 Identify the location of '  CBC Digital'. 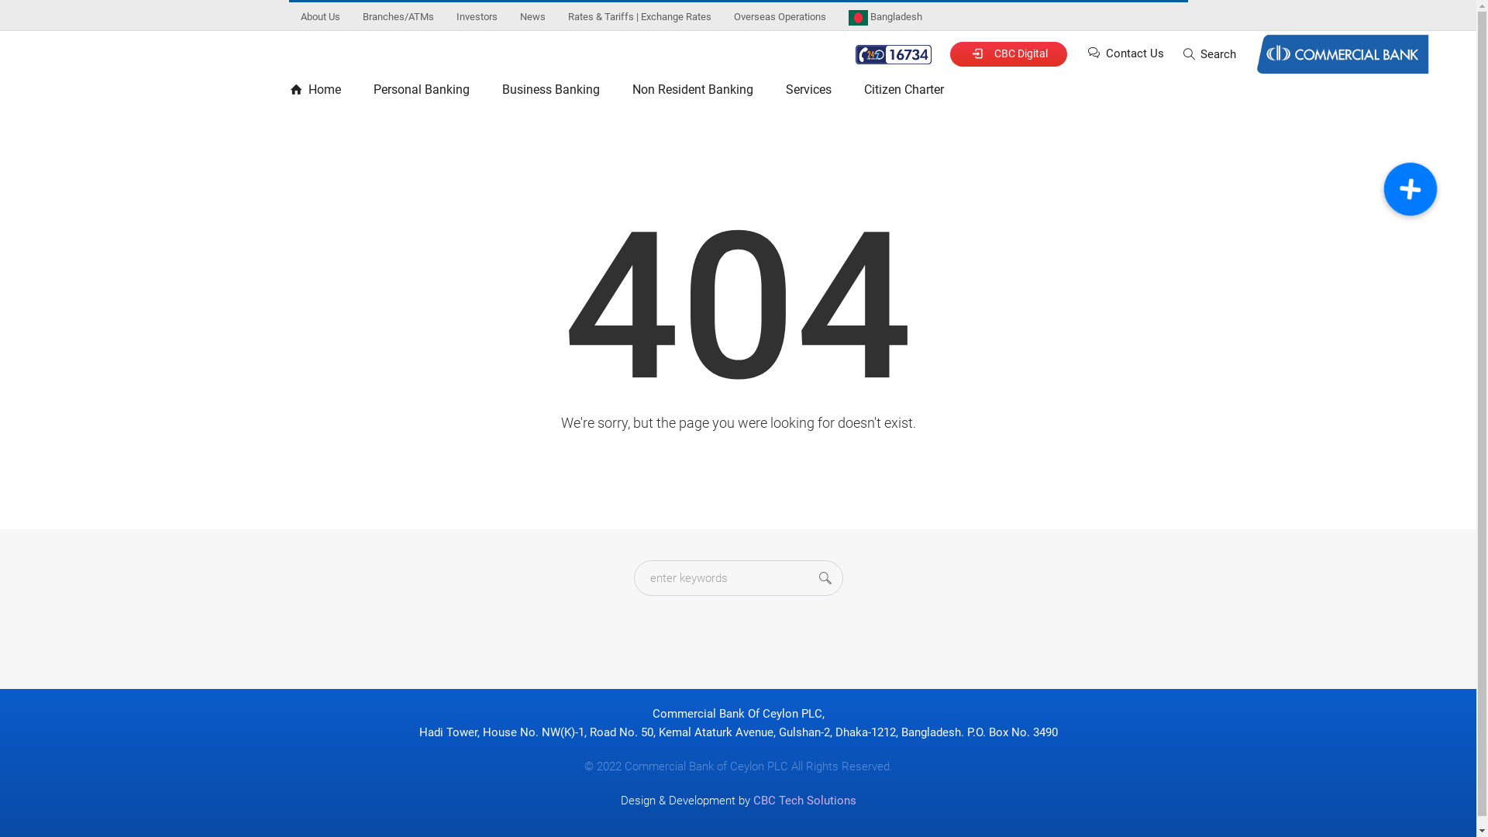
(1007, 53).